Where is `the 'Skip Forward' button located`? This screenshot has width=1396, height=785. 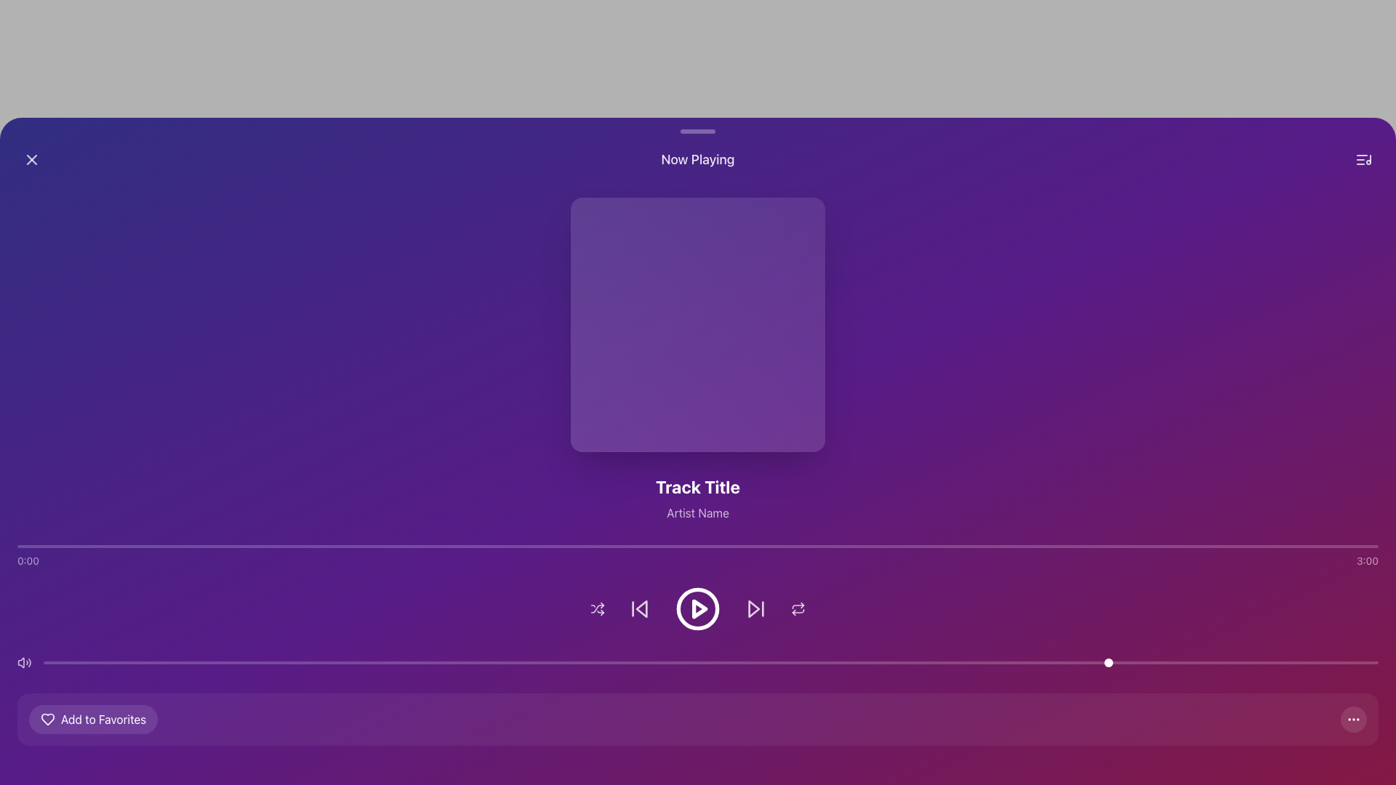
the 'Skip Forward' button located is located at coordinates (756, 608).